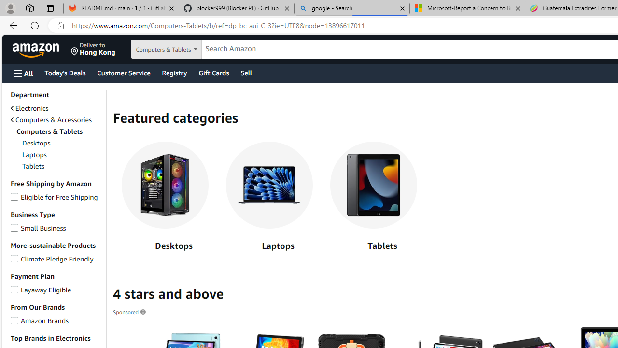 This screenshot has height=348, width=618. Describe the element at coordinates (50, 119) in the screenshot. I see `'Computers & Accessories'` at that location.